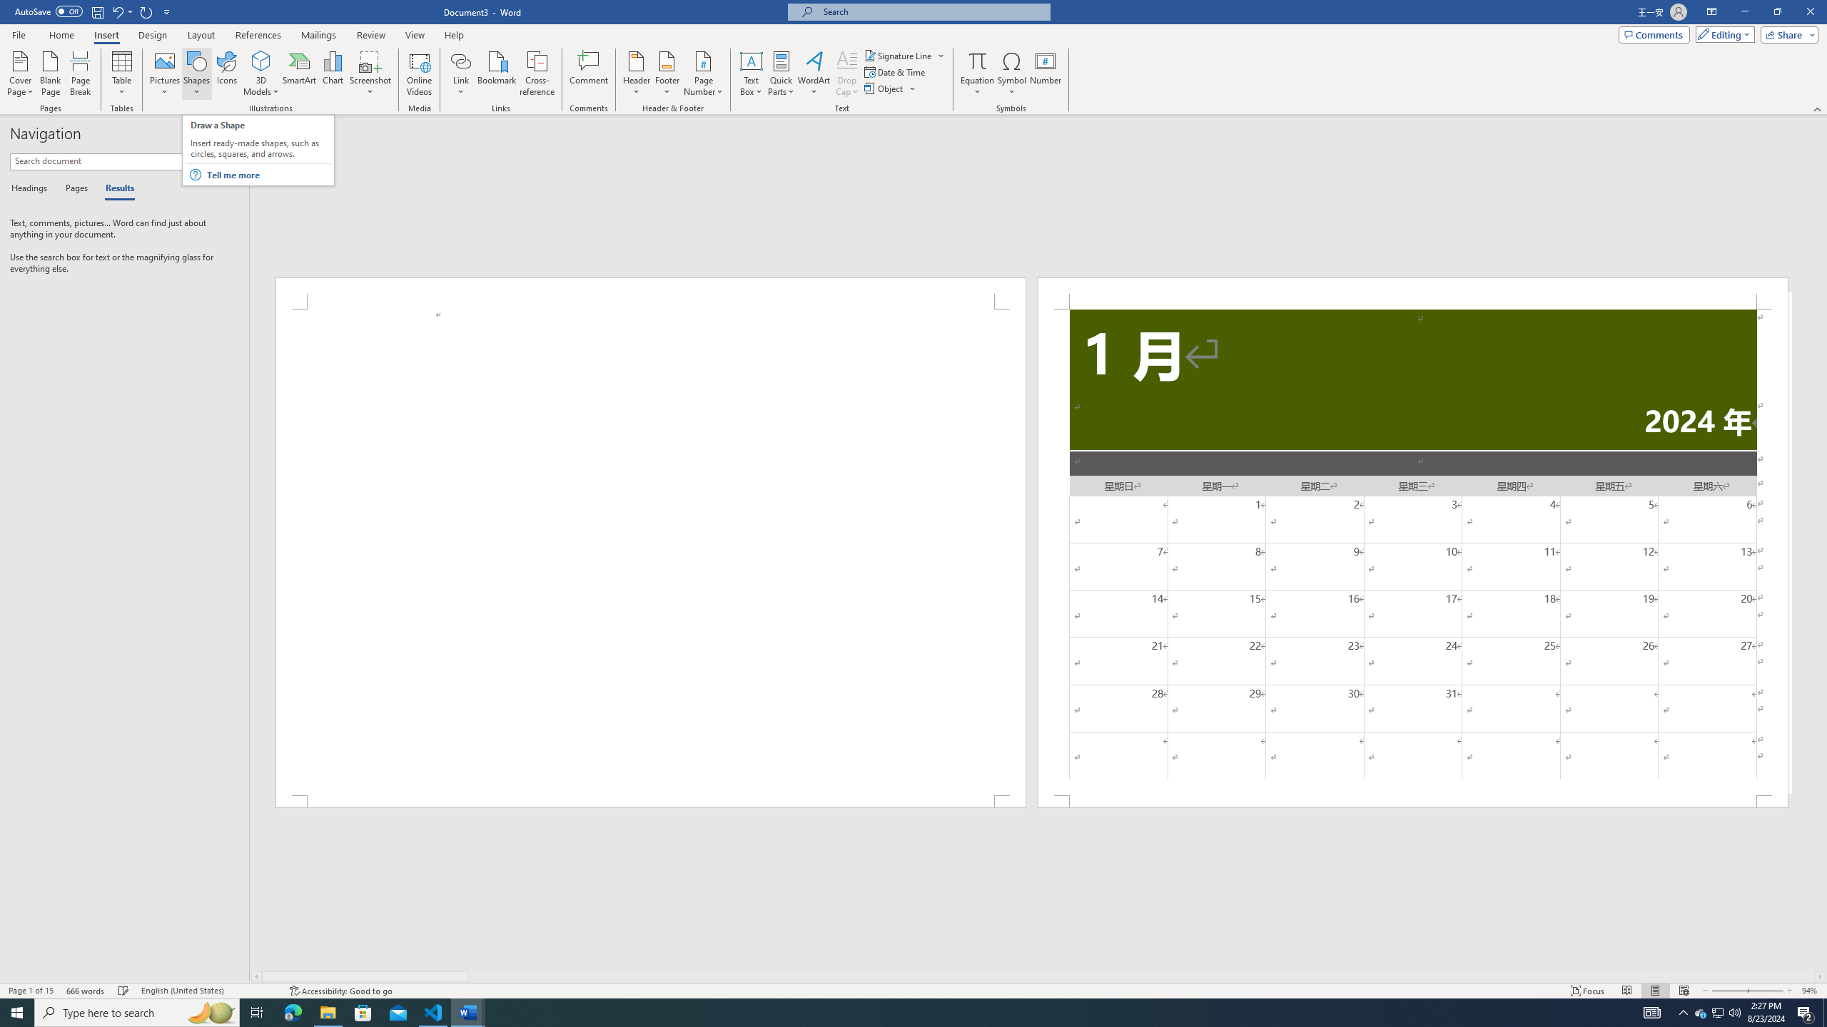 This screenshot has width=1827, height=1027. What do you see at coordinates (637, 73) in the screenshot?
I see `'Header'` at bounding box center [637, 73].